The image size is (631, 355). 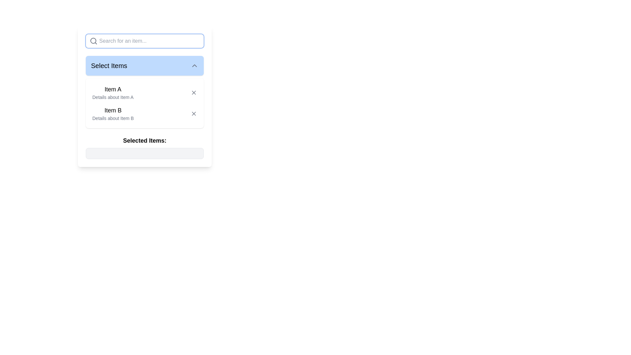 I want to click on the close button located in the top-right corner of the 'Item A' entry, so click(x=194, y=92).